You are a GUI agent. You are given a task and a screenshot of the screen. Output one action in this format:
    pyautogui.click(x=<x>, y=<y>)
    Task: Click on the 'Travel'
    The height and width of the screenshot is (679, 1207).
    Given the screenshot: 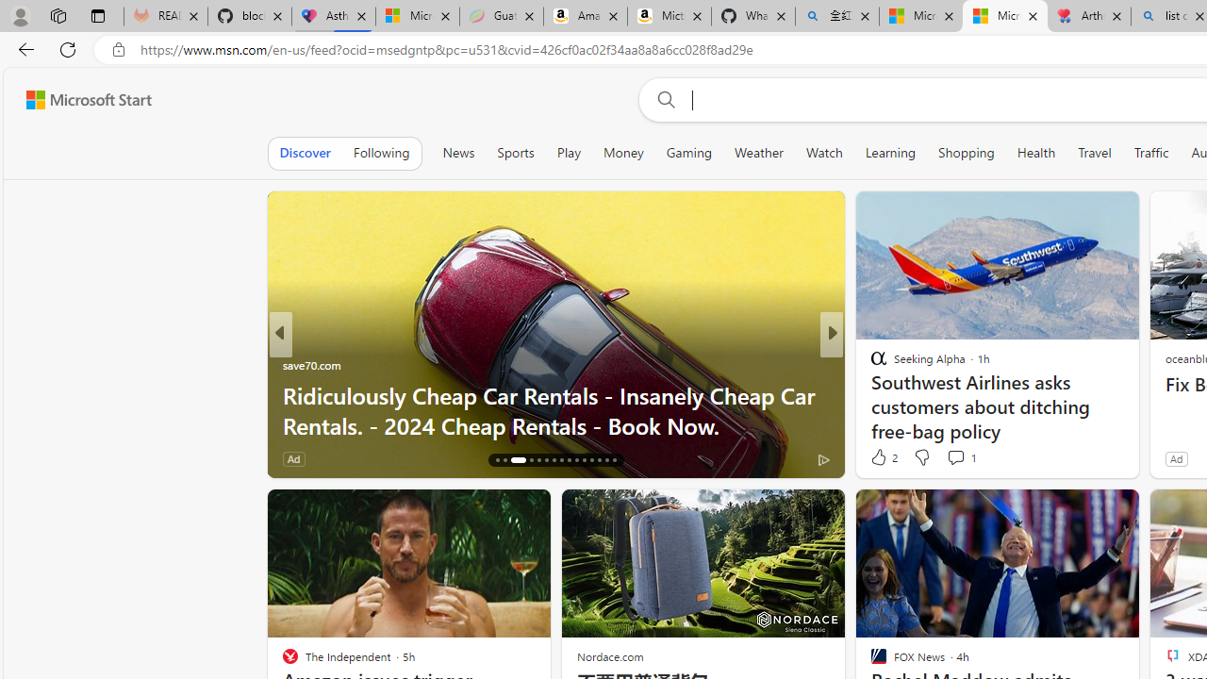 What is the action you would take?
    pyautogui.click(x=1094, y=152)
    